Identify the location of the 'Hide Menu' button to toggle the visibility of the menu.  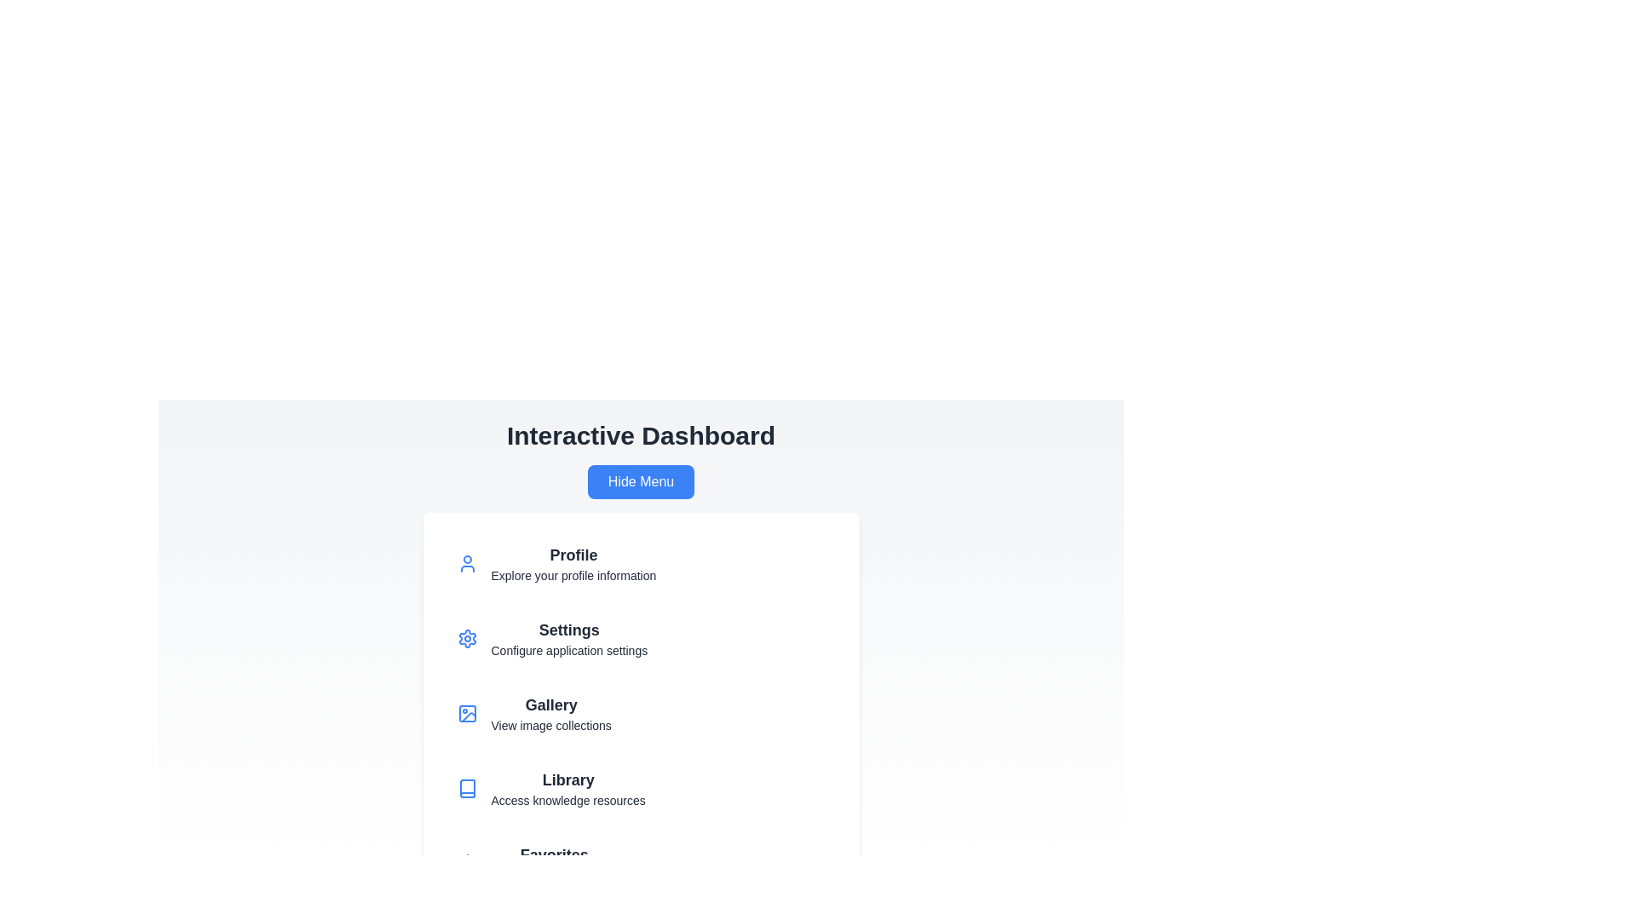
(640, 482).